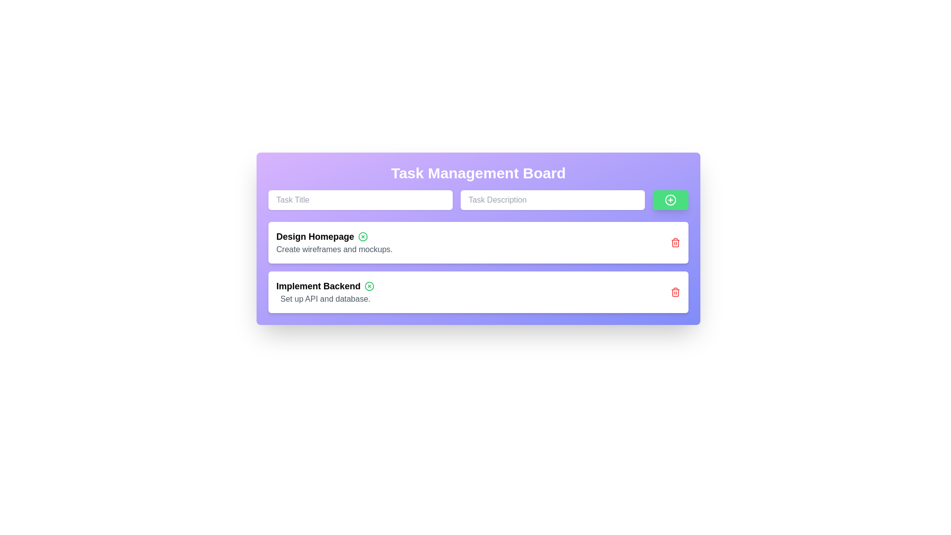  Describe the element at coordinates (369, 286) in the screenshot. I see `the completion icon located in the second list item titled 'Implement Backend'` at that location.